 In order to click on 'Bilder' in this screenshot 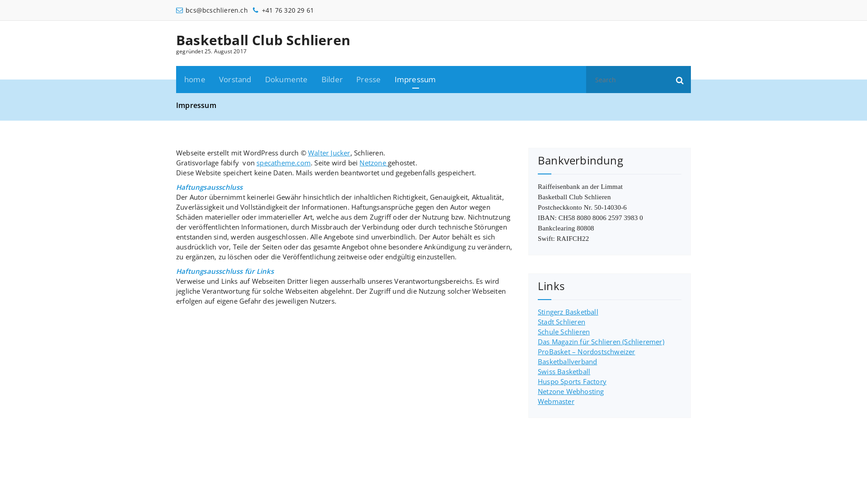, I will do `click(331, 79)`.